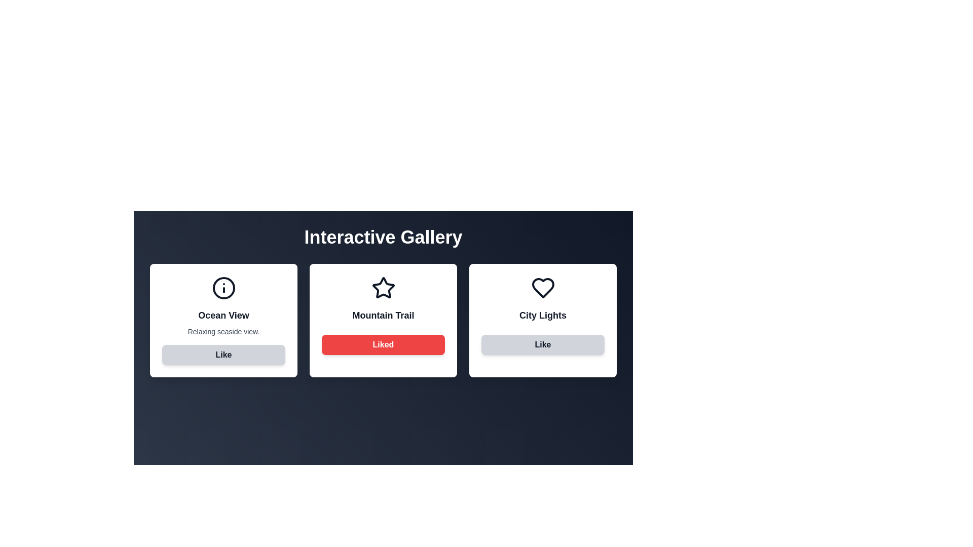  Describe the element at coordinates (542, 315) in the screenshot. I see `the non-interactive text element displaying 'City Lights', which is prominently centered below a heart-shaped icon and above a 'Like' button` at that location.